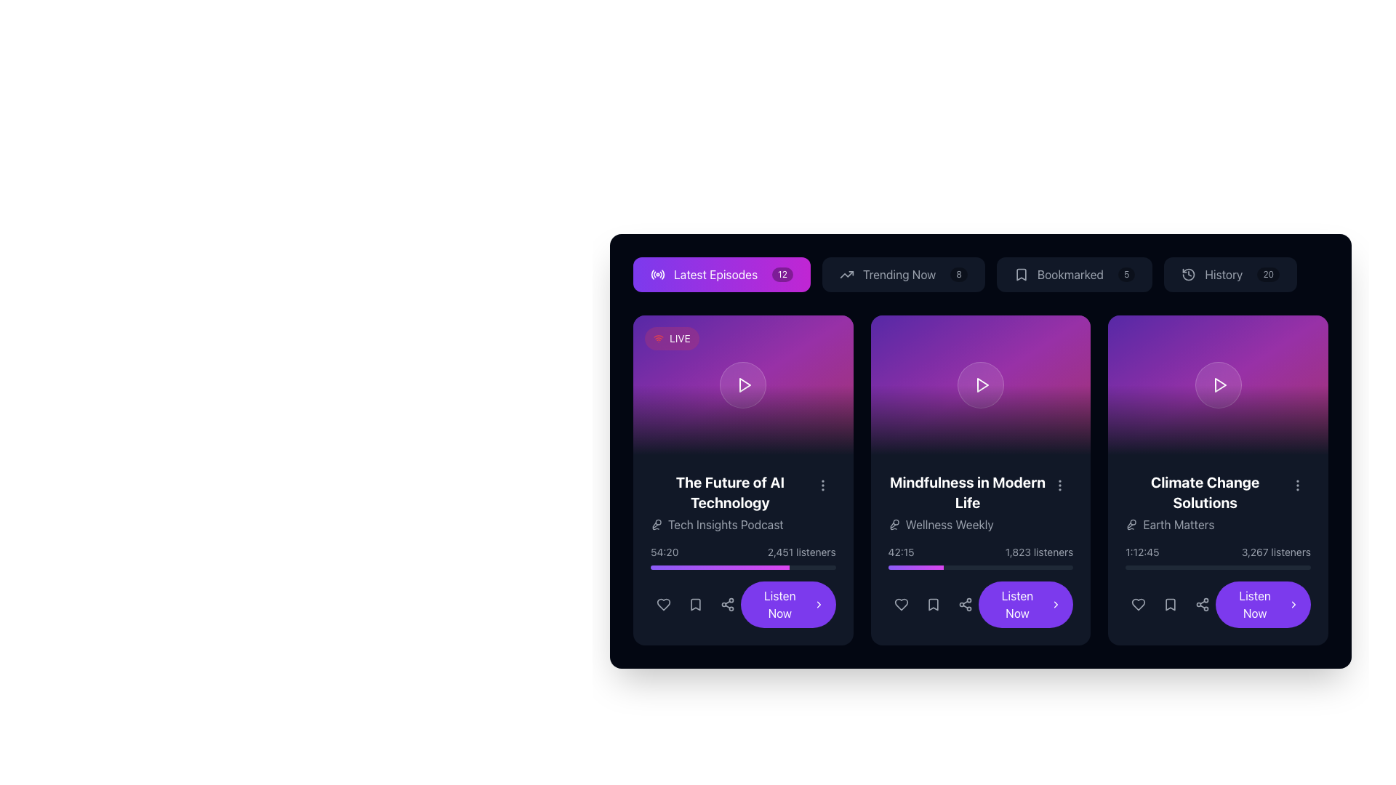 Image resolution: width=1396 pixels, height=785 pixels. I want to click on the heart-shaped icon styled with a thin gray outline within the 'Climate Change Solutions' podcast card, so click(1138, 605).